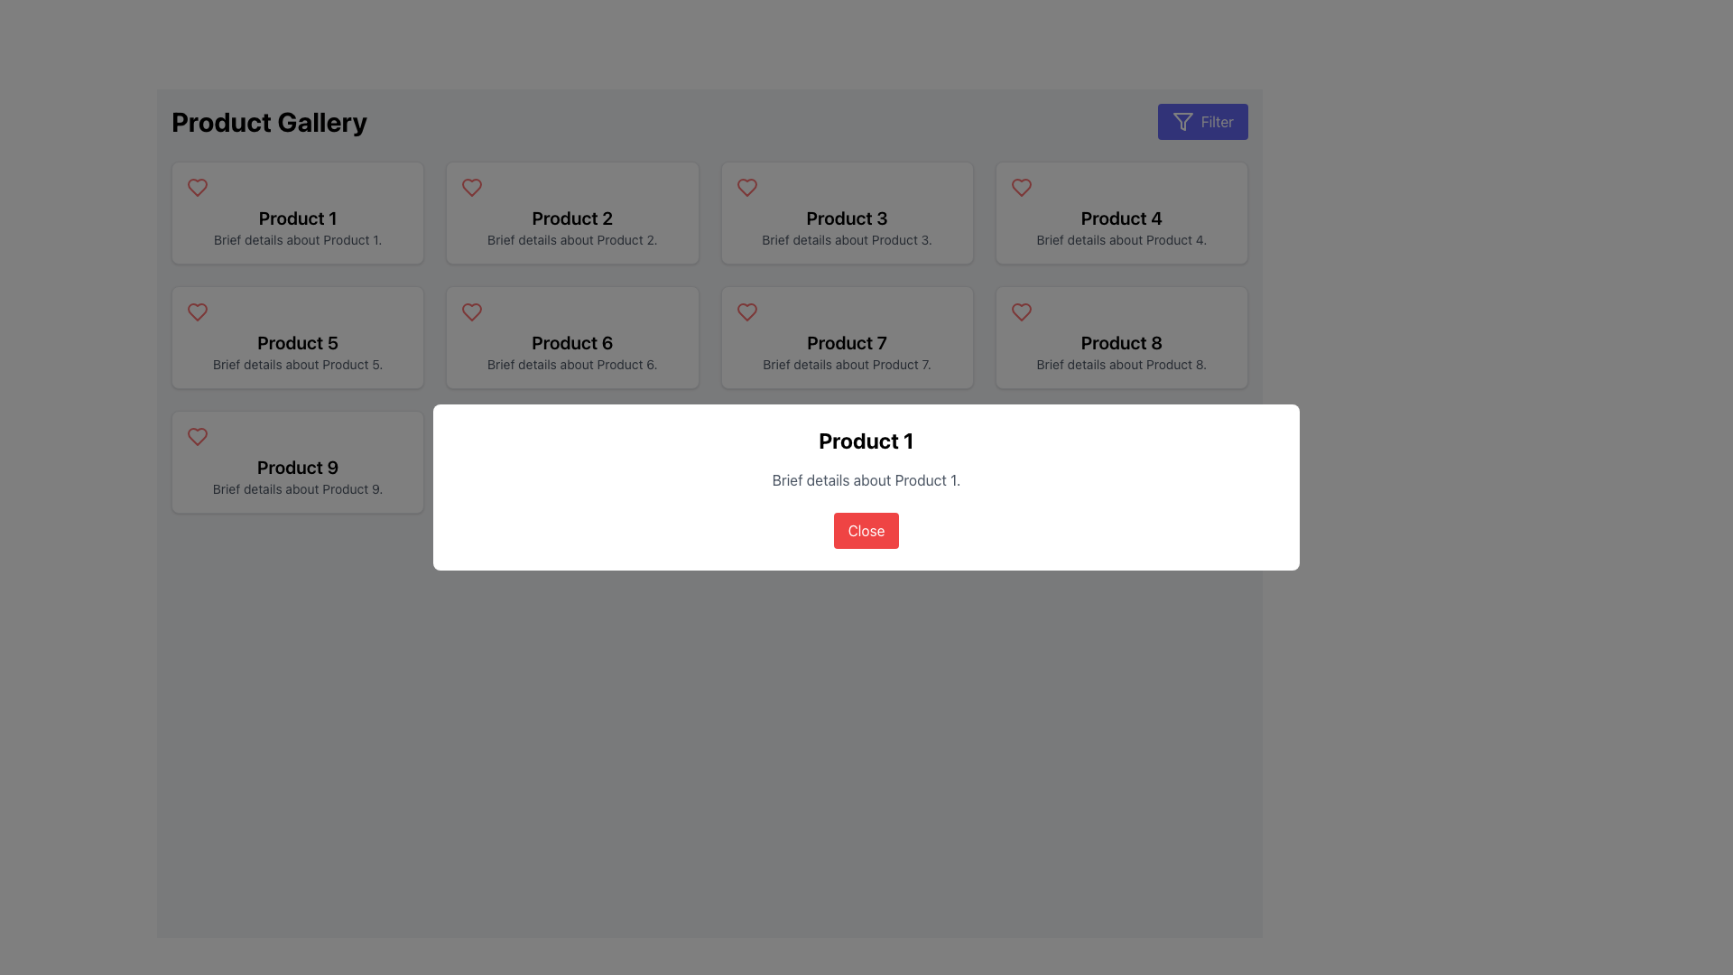 The height and width of the screenshot is (975, 1733). What do you see at coordinates (298, 218) in the screenshot?
I see `the Text Label that serves as the title for the product, positioned slightly above its sibling description element` at bounding box center [298, 218].